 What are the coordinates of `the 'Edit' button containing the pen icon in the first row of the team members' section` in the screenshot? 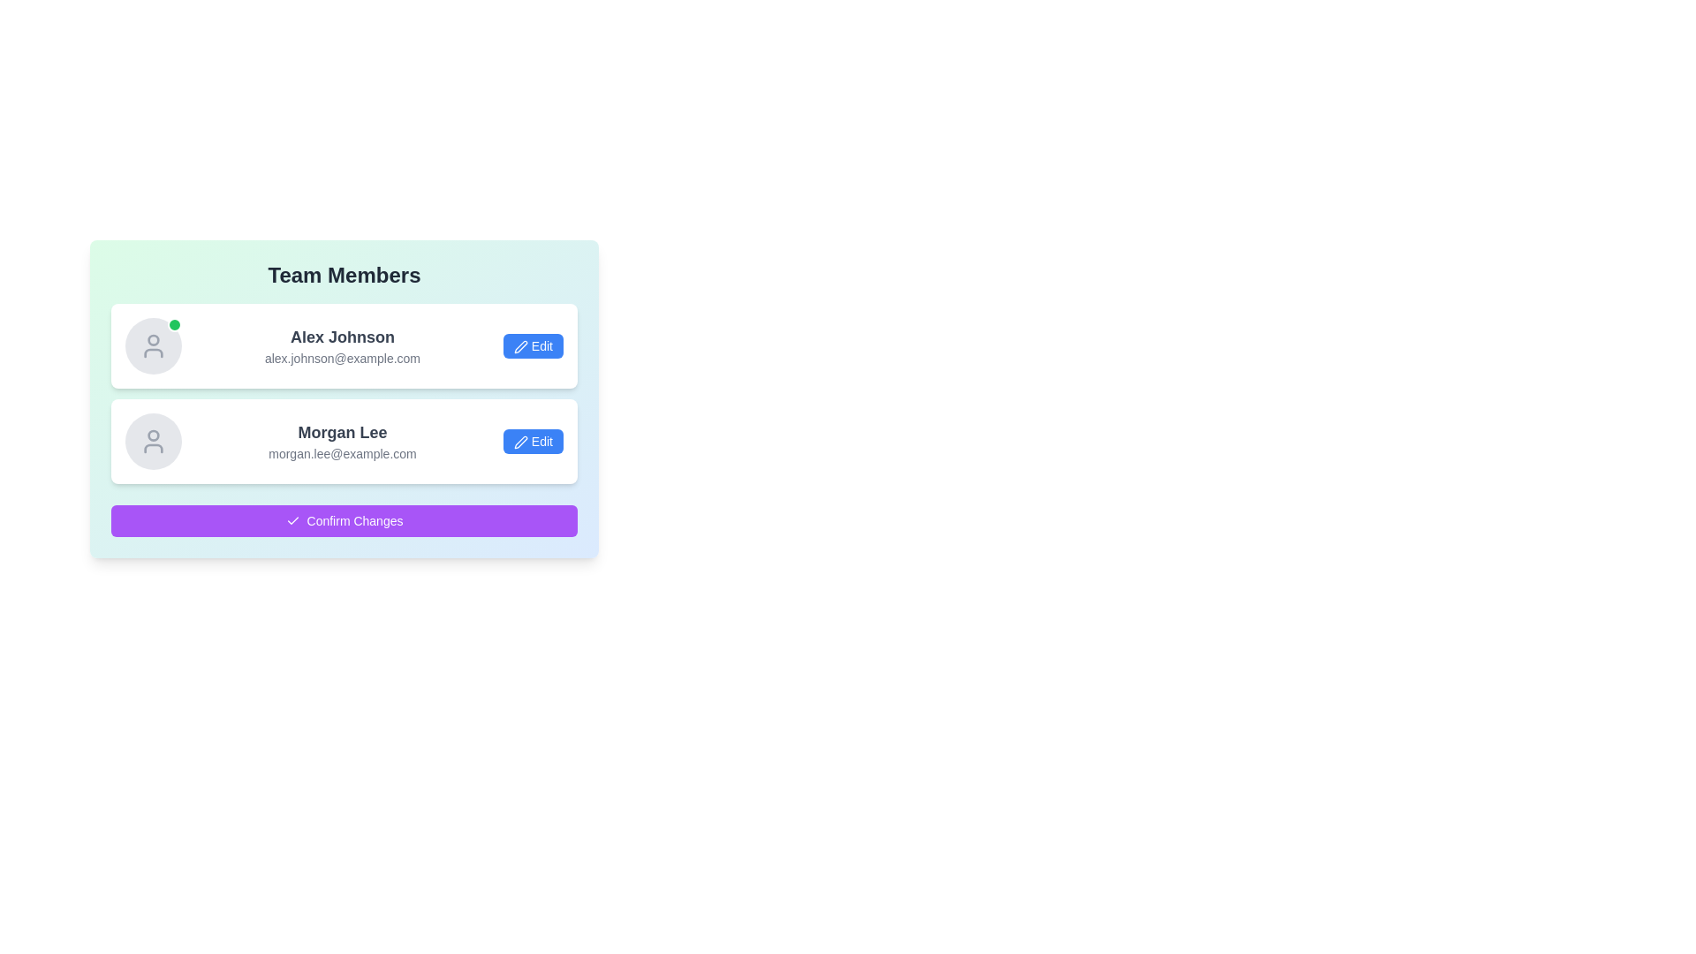 It's located at (520, 347).